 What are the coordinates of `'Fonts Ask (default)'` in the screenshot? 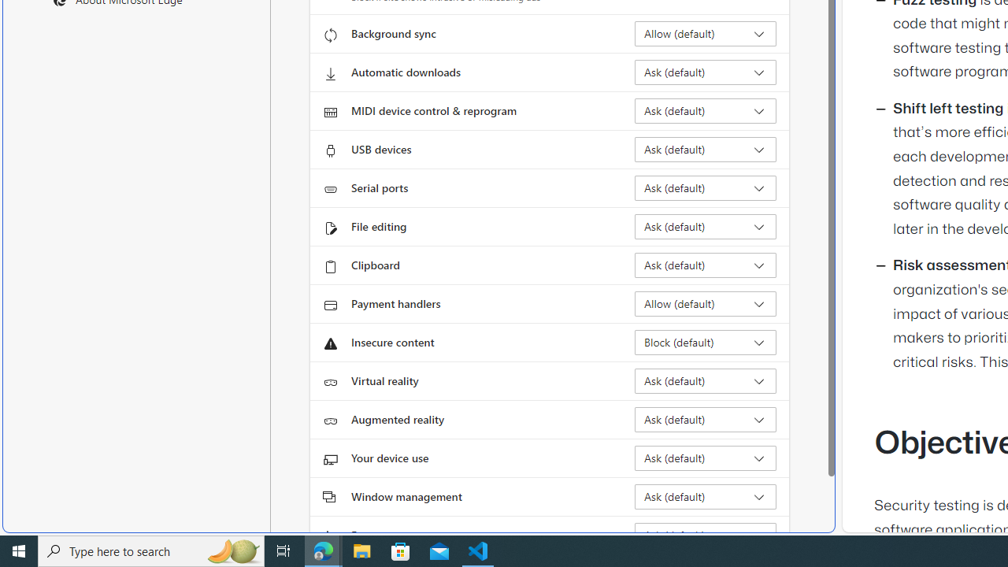 It's located at (705, 535).